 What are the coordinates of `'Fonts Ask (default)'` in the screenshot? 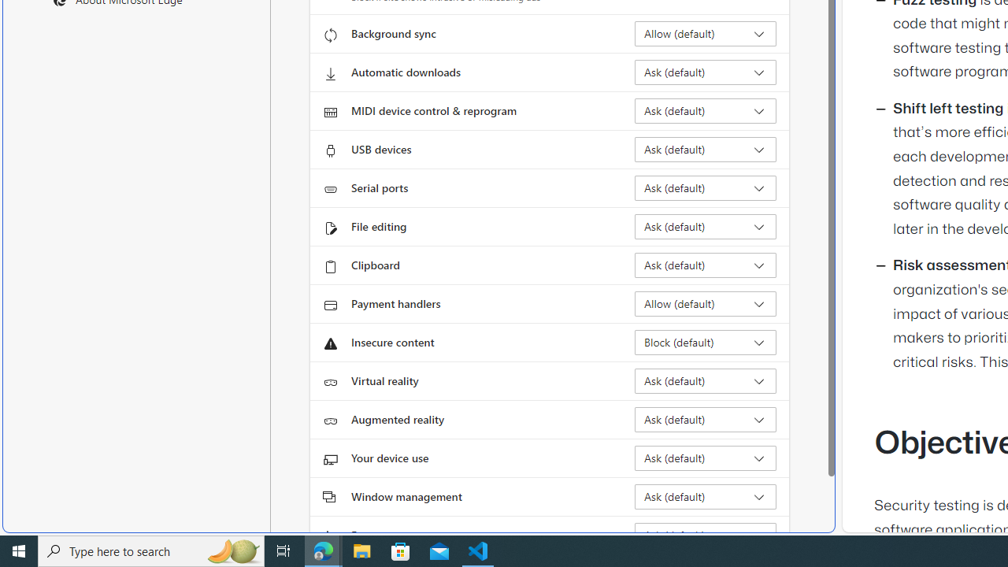 It's located at (705, 535).